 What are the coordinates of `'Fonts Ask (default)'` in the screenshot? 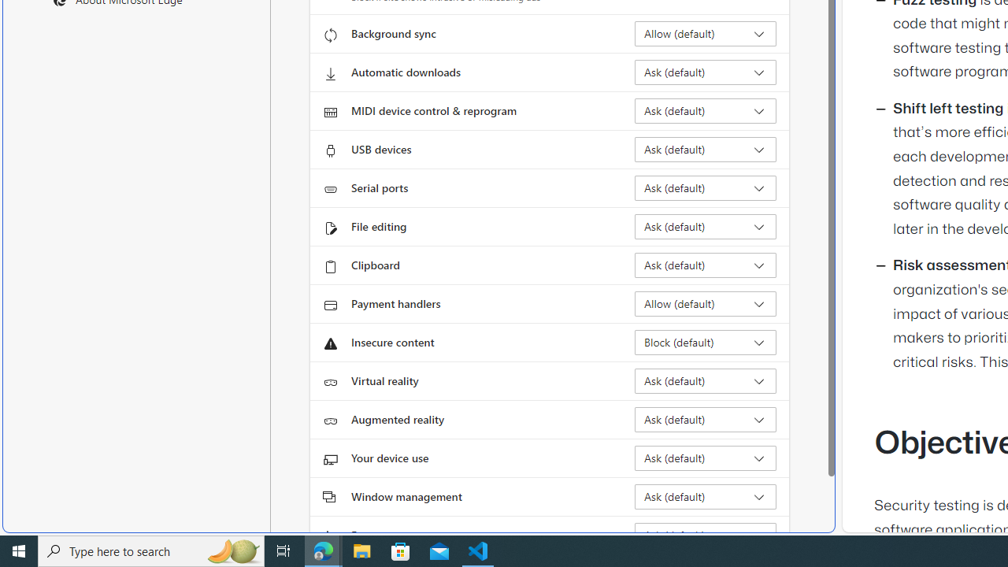 It's located at (705, 535).